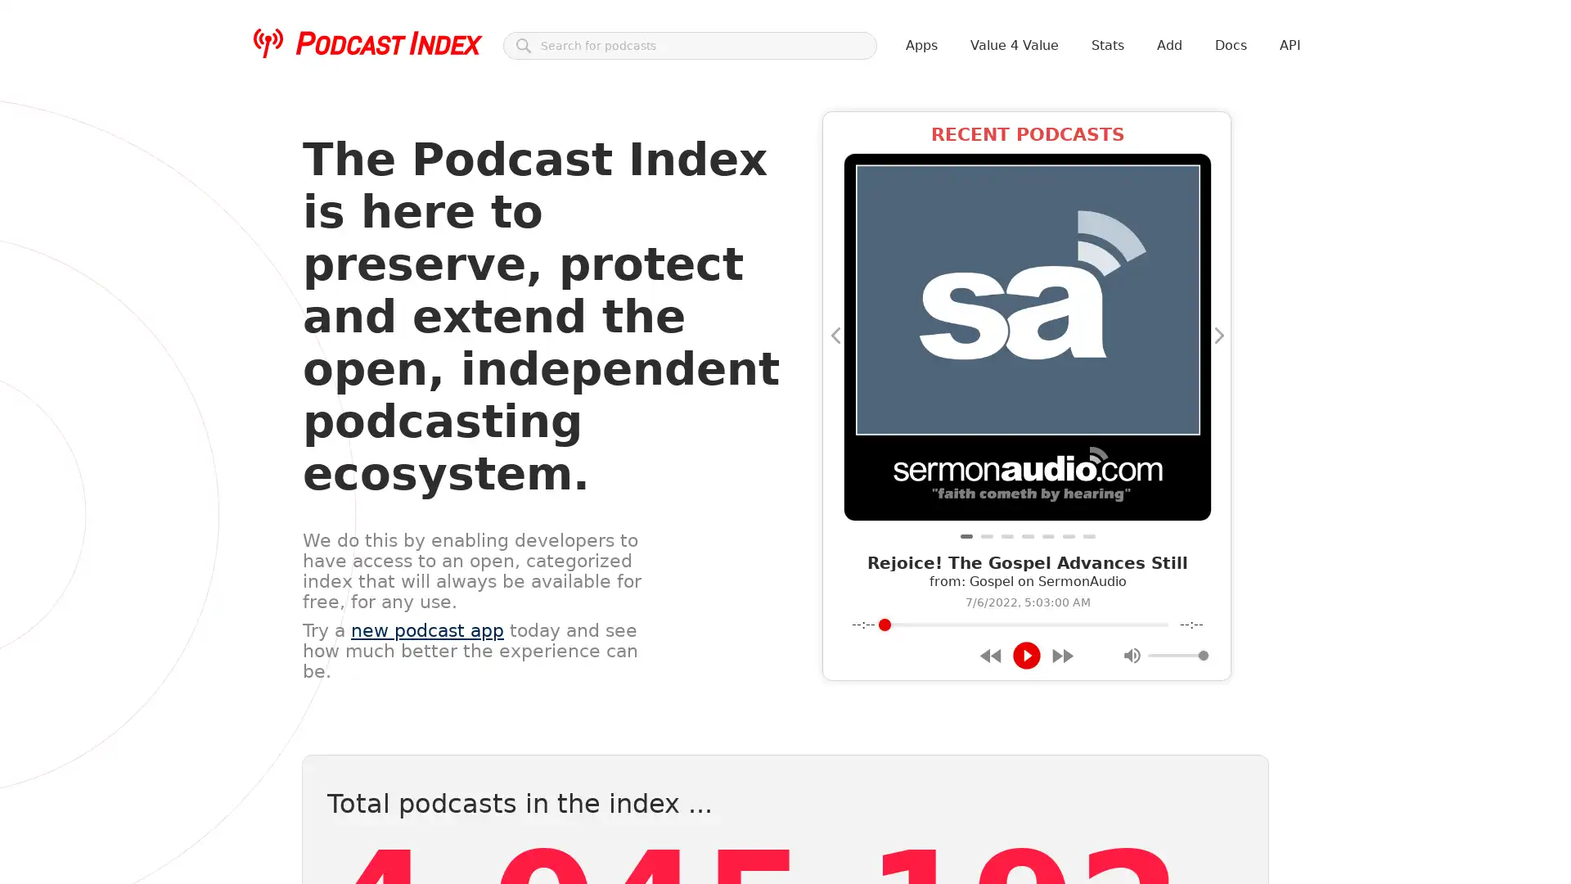 This screenshot has height=884, width=1571. What do you see at coordinates (1088, 536) in the screenshot?
I see `Keenan's Corner: Breezy Album Review; Usher Tiny Desk` at bounding box center [1088, 536].